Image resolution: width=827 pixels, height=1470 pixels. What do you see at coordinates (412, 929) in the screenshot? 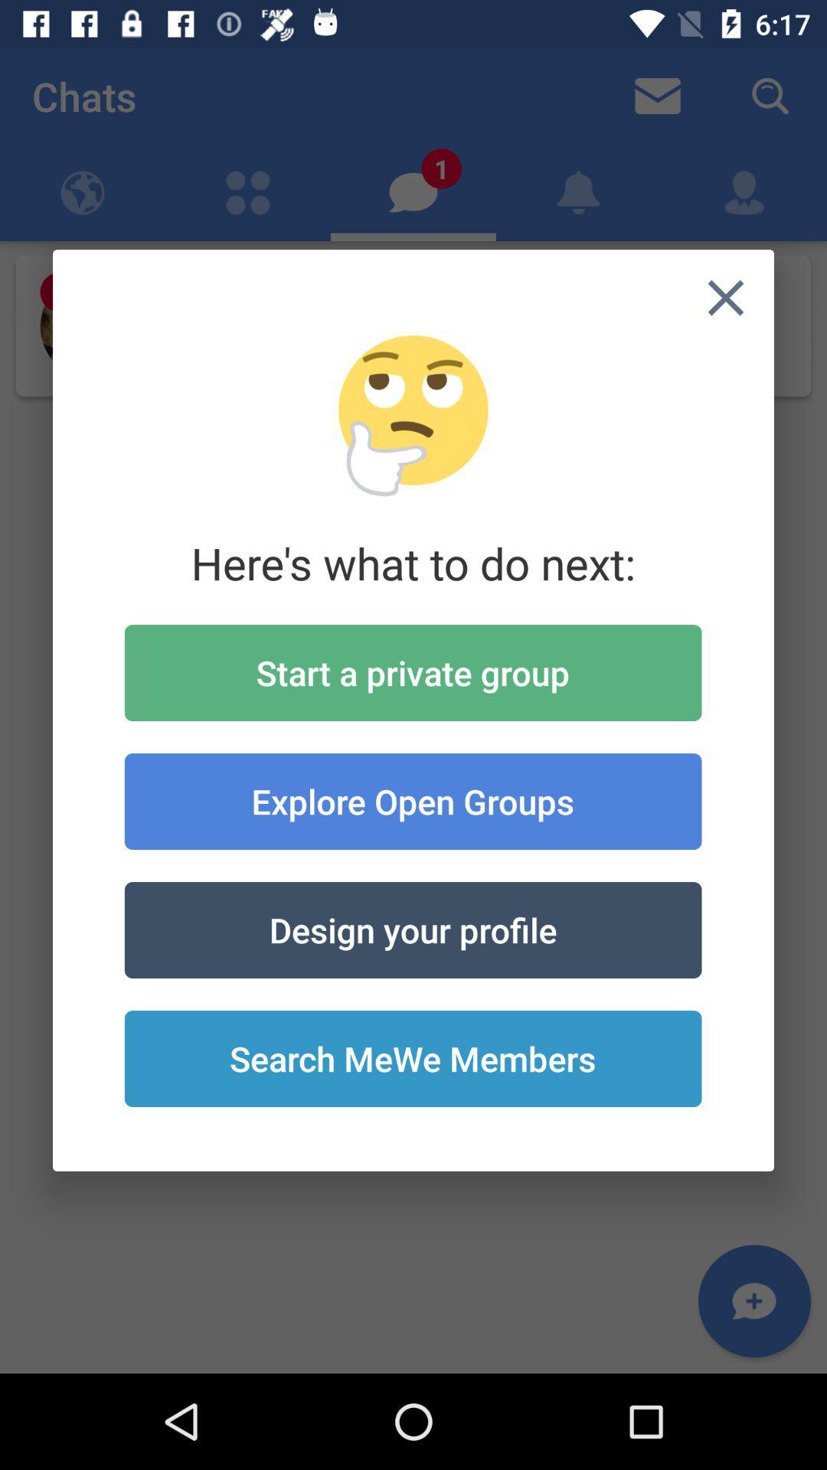
I see `the design your profile item` at bounding box center [412, 929].